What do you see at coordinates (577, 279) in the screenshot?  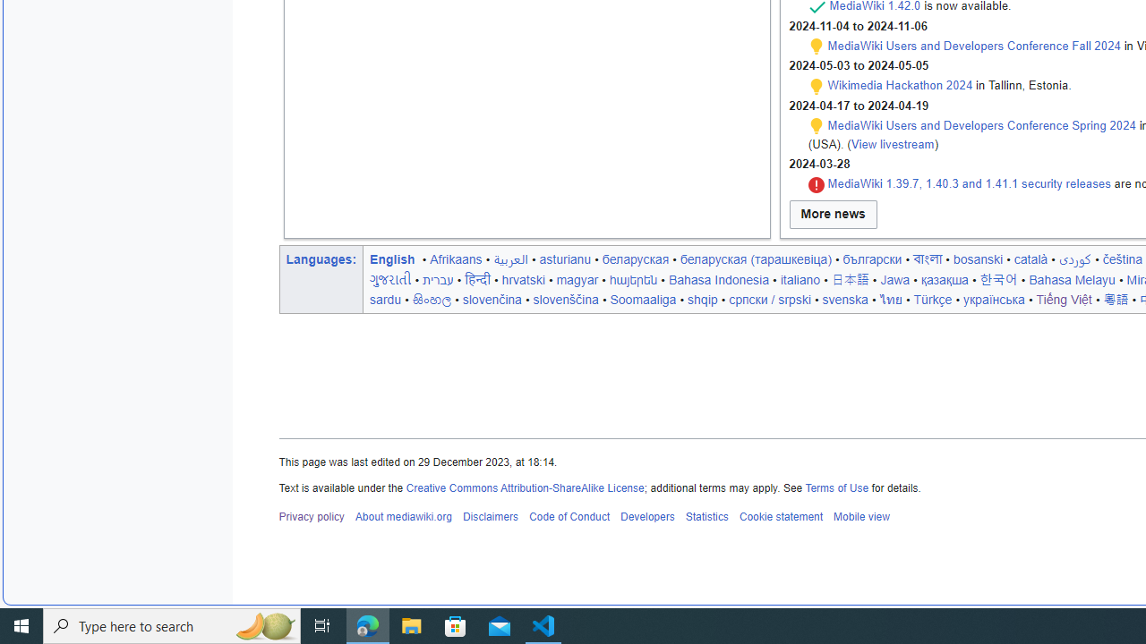 I see `'magyar'` at bounding box center [577, 279].